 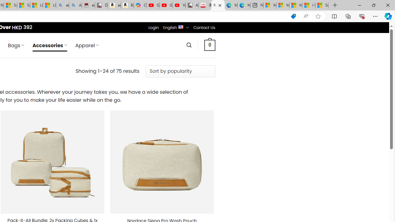 I want to click on 'Copilot', so click(x=140, y=5).